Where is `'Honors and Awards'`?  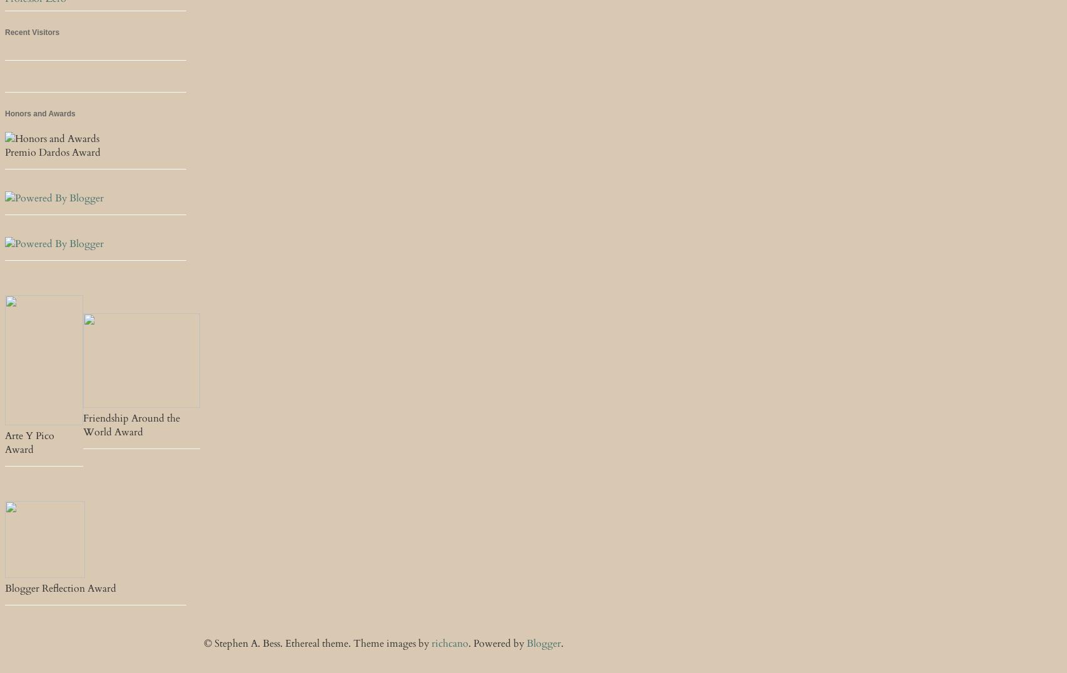
'Honors and Awards' is located at coordinates (39, 113).